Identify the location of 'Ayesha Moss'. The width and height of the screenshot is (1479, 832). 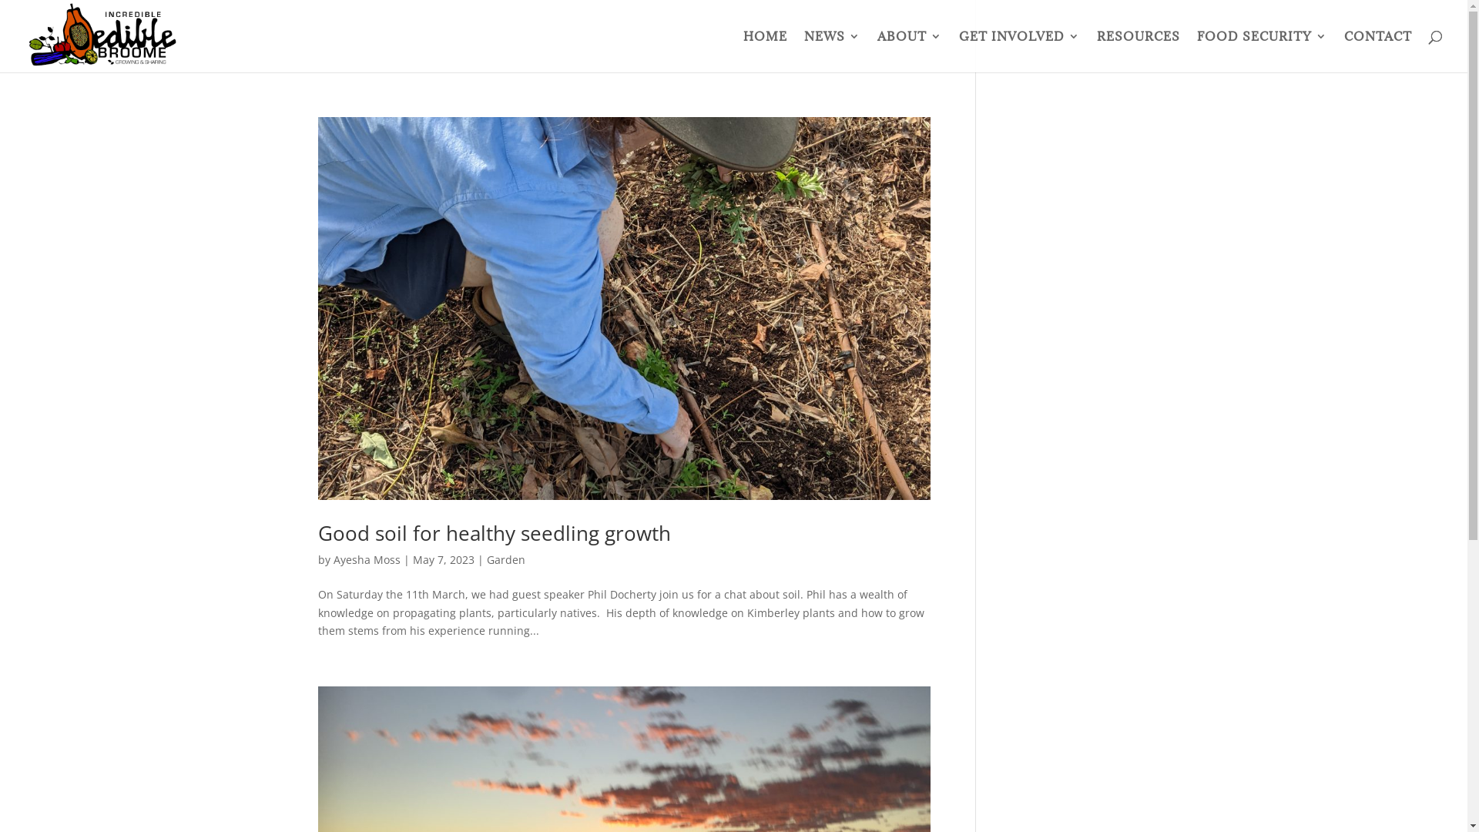
(365, 559).